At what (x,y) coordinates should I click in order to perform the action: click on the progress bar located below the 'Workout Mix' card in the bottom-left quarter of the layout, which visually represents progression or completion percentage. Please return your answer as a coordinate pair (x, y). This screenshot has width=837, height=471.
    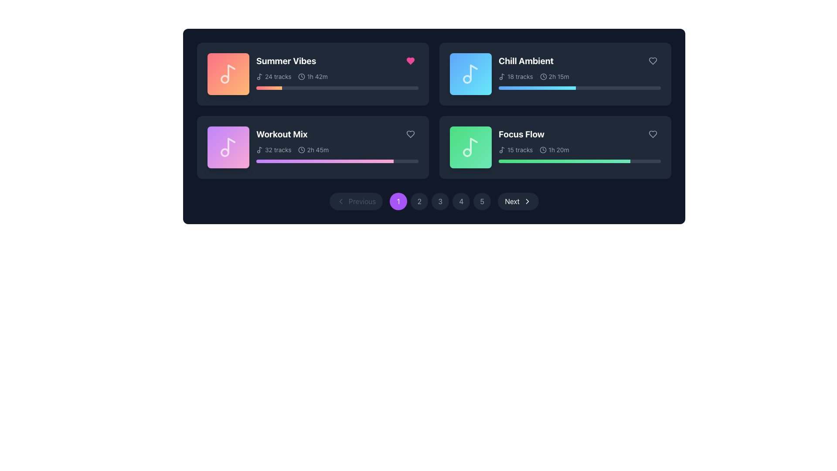
    Looking at the image, I should click on (324, 161).